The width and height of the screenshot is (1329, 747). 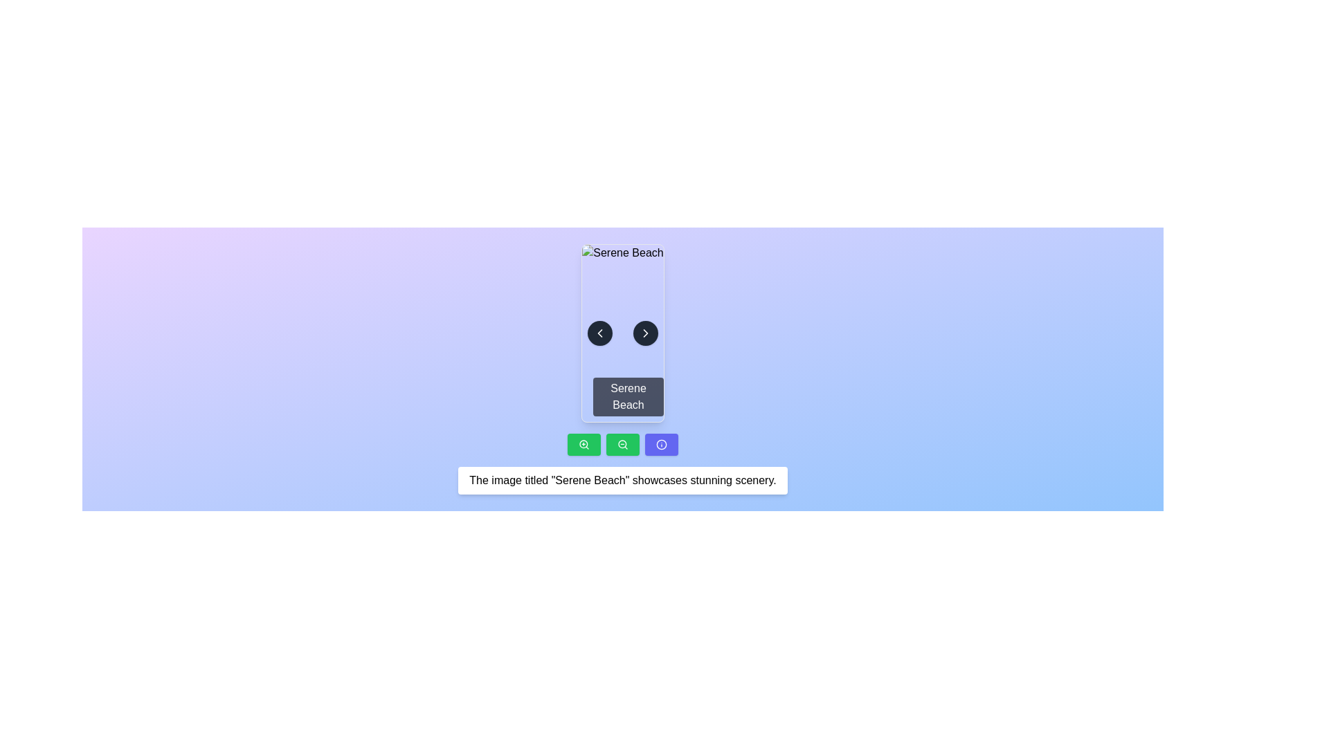 What do you see at coordinates (622, 479) in the screenshot?
I see `the text label displaying 'The image titled "Serene Beach" showcases stunning scenery.' which is centered horizontally in the bottom area of the layout` at bounding box center [622, 479].